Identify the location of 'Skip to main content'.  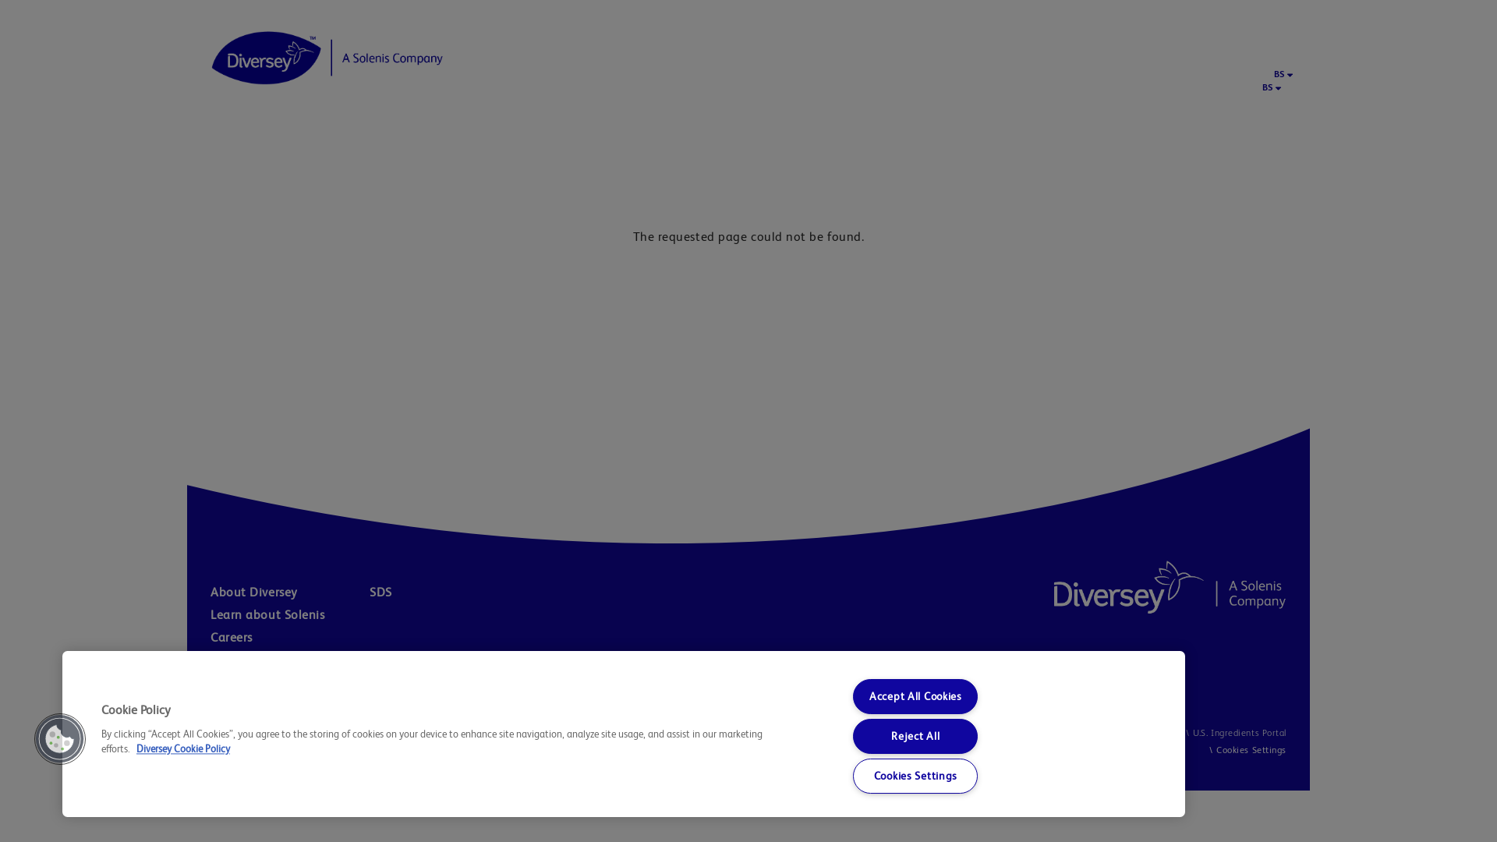
(0, 0).